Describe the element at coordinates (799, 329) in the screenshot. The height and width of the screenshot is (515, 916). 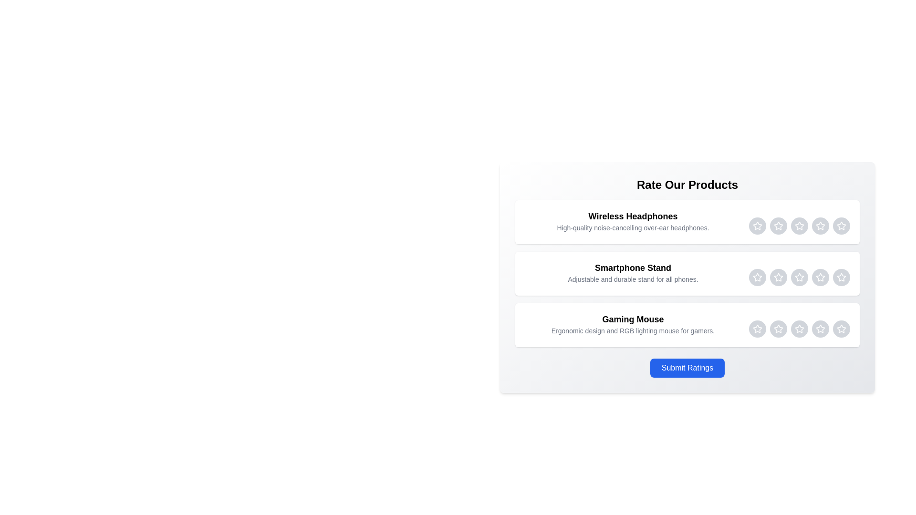
I see `the Gaming Mouse rating star 3` at that location.